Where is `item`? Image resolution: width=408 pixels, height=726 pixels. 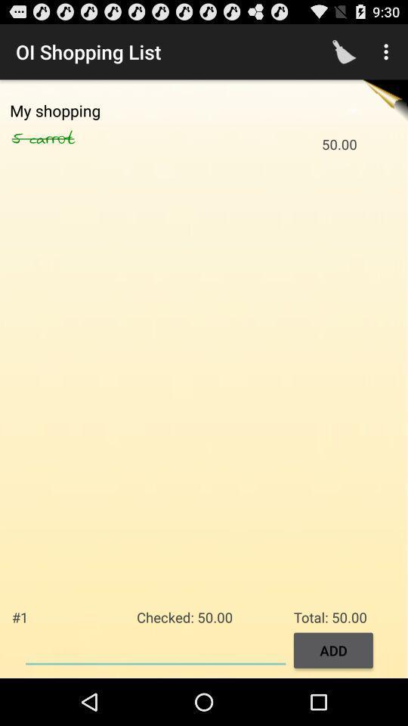
item is located at coordinates (155, 648).